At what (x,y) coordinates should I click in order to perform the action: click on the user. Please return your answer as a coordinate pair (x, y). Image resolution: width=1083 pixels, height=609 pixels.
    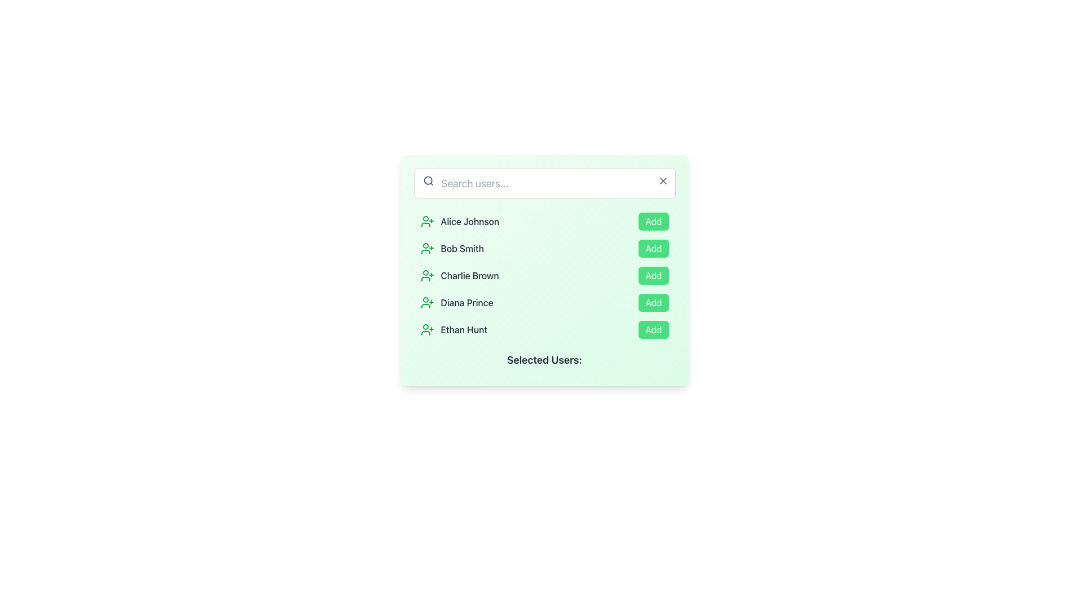
    Looking at the image, I should click on (470, 222).